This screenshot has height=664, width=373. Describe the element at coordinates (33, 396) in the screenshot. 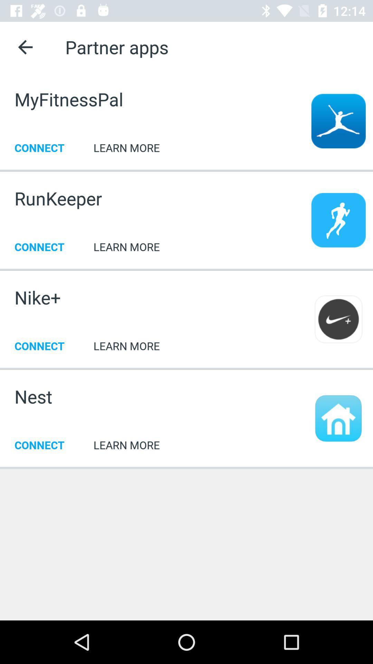

I see `nest item` at that location.